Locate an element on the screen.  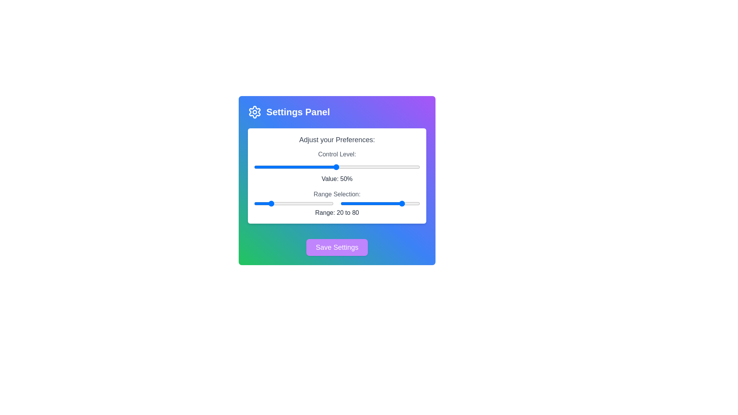
the slider value is located at coordinates (339, 167).